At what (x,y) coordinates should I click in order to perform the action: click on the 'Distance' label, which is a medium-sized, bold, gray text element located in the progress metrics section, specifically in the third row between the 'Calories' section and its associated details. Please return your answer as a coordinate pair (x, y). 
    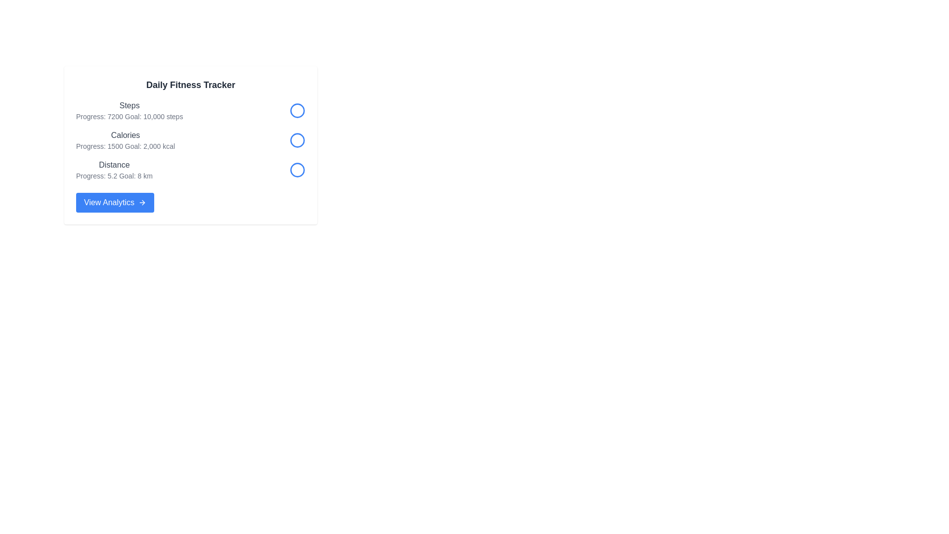
    Looking at the image, I should click on (114, 165).